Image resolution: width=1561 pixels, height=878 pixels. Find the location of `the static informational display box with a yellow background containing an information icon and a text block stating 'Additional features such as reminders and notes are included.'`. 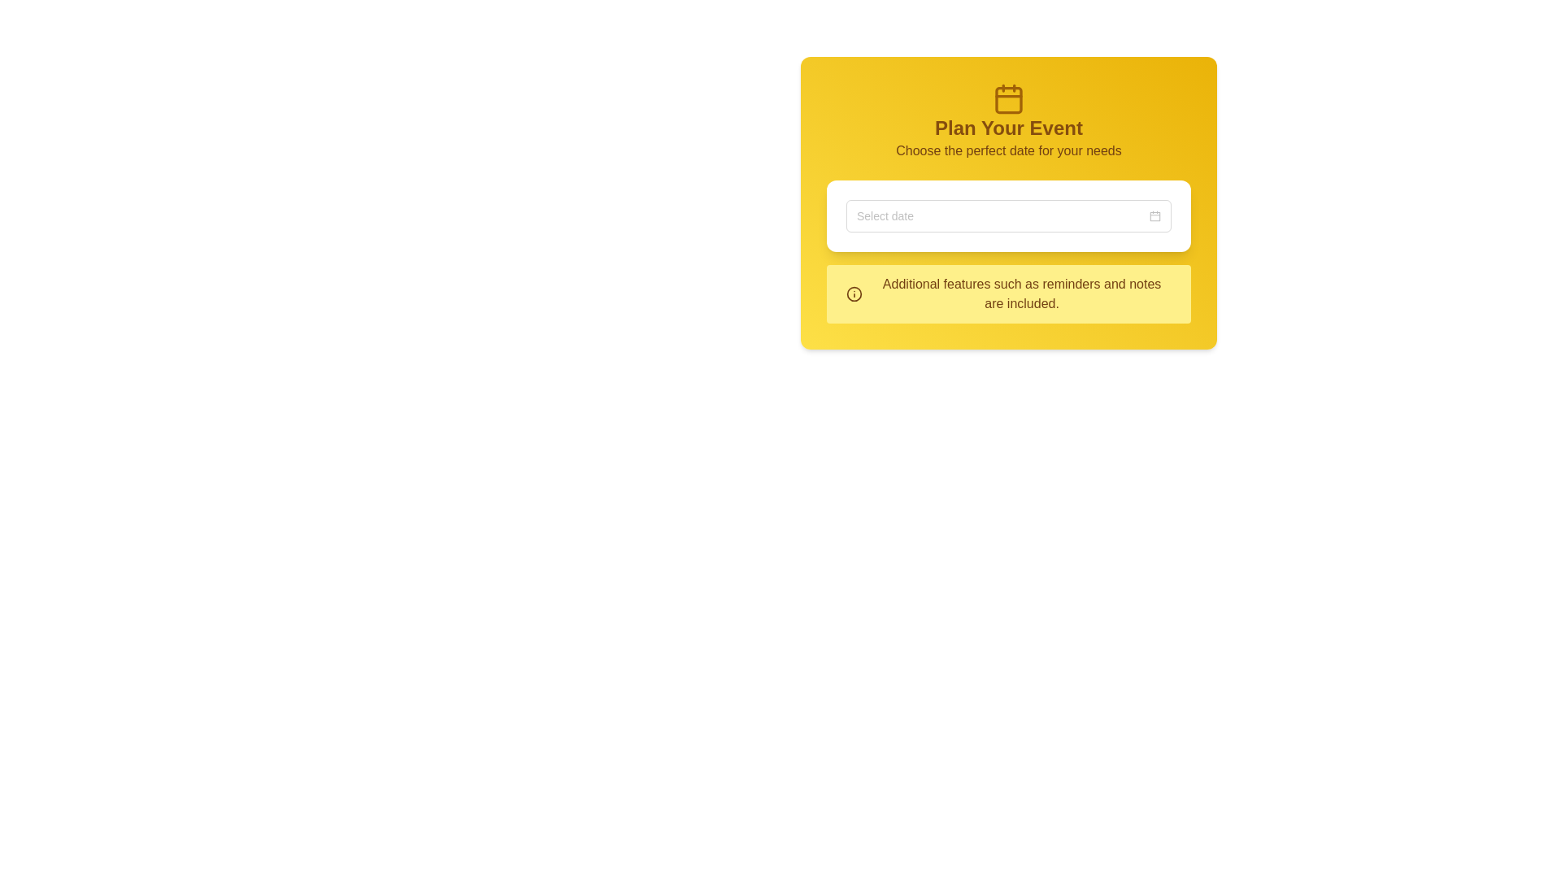

the static informational display box with a yellow background containing an information icon and a text block stating 'Additional features such as reminders and notes are included.' is located at coordinates (1008, 294).